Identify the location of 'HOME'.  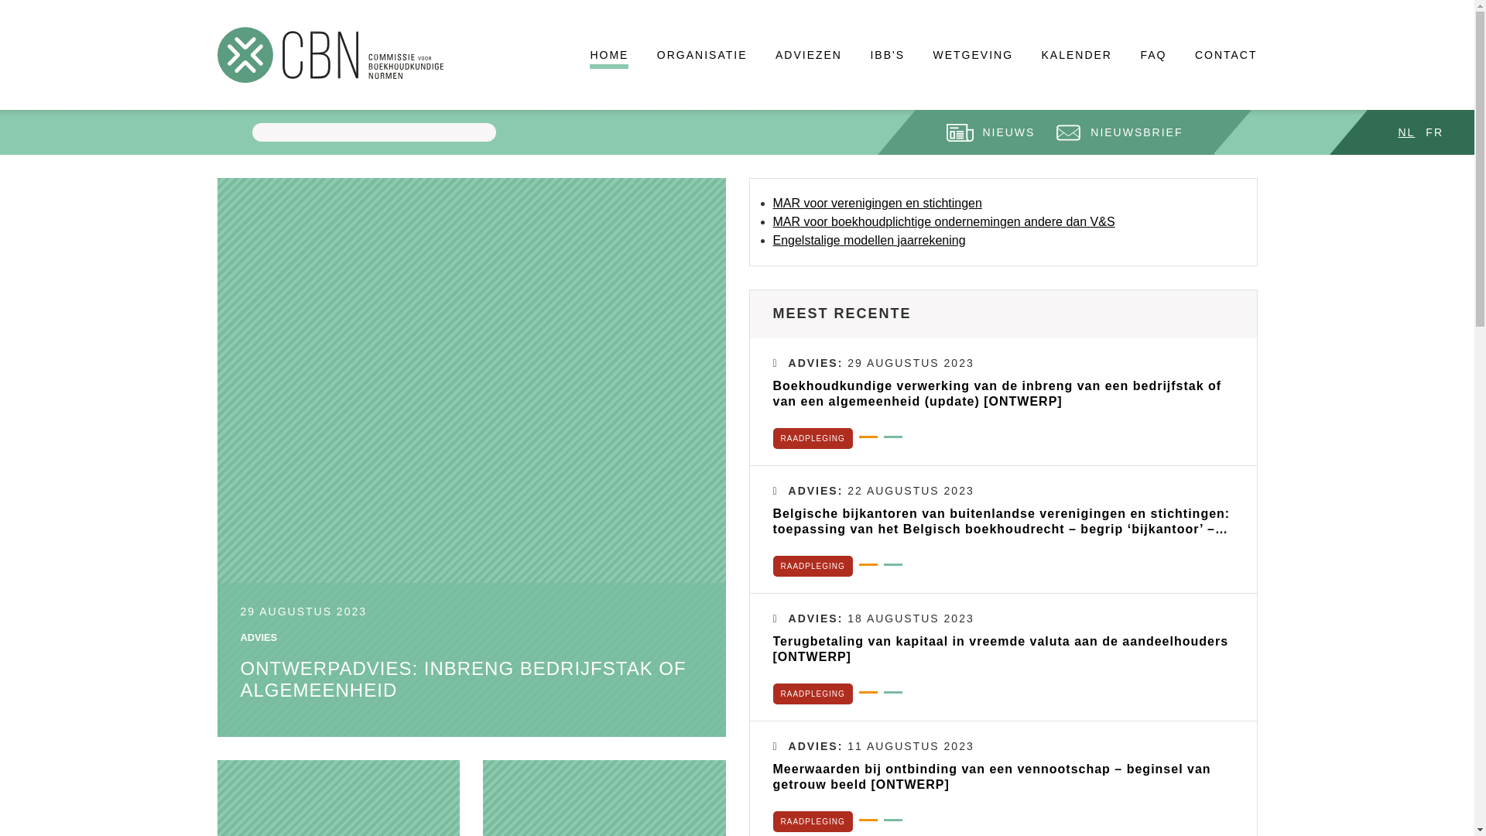
(608, 57).